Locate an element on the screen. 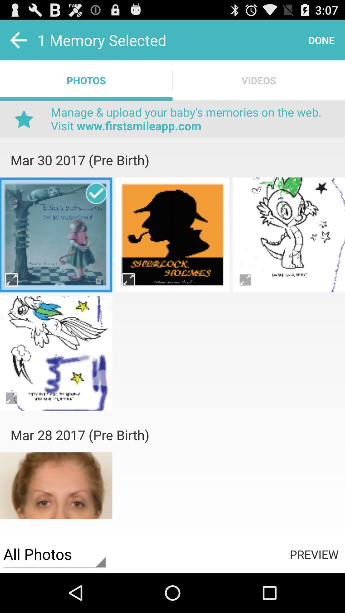  expand image is located at coordinates (12, 397).